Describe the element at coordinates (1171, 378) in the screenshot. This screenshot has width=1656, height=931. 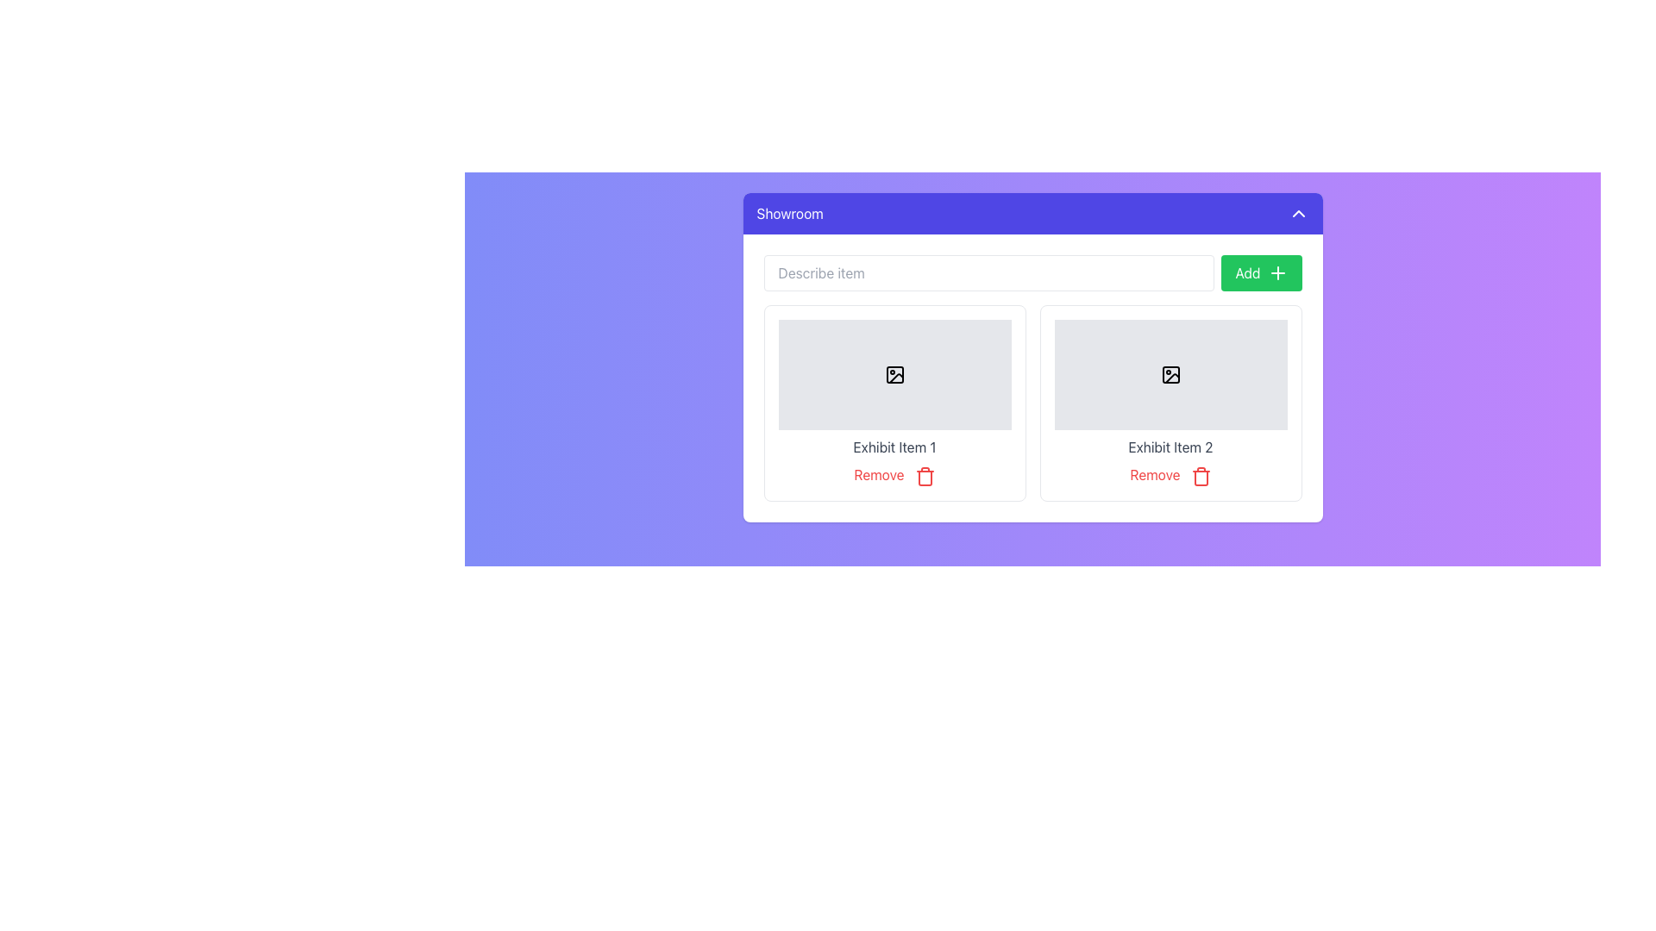
I see `the image placeholder icon in Exhibit Item 2, which indicates where an image is supposed to be displayed when it fails to load` at that location.